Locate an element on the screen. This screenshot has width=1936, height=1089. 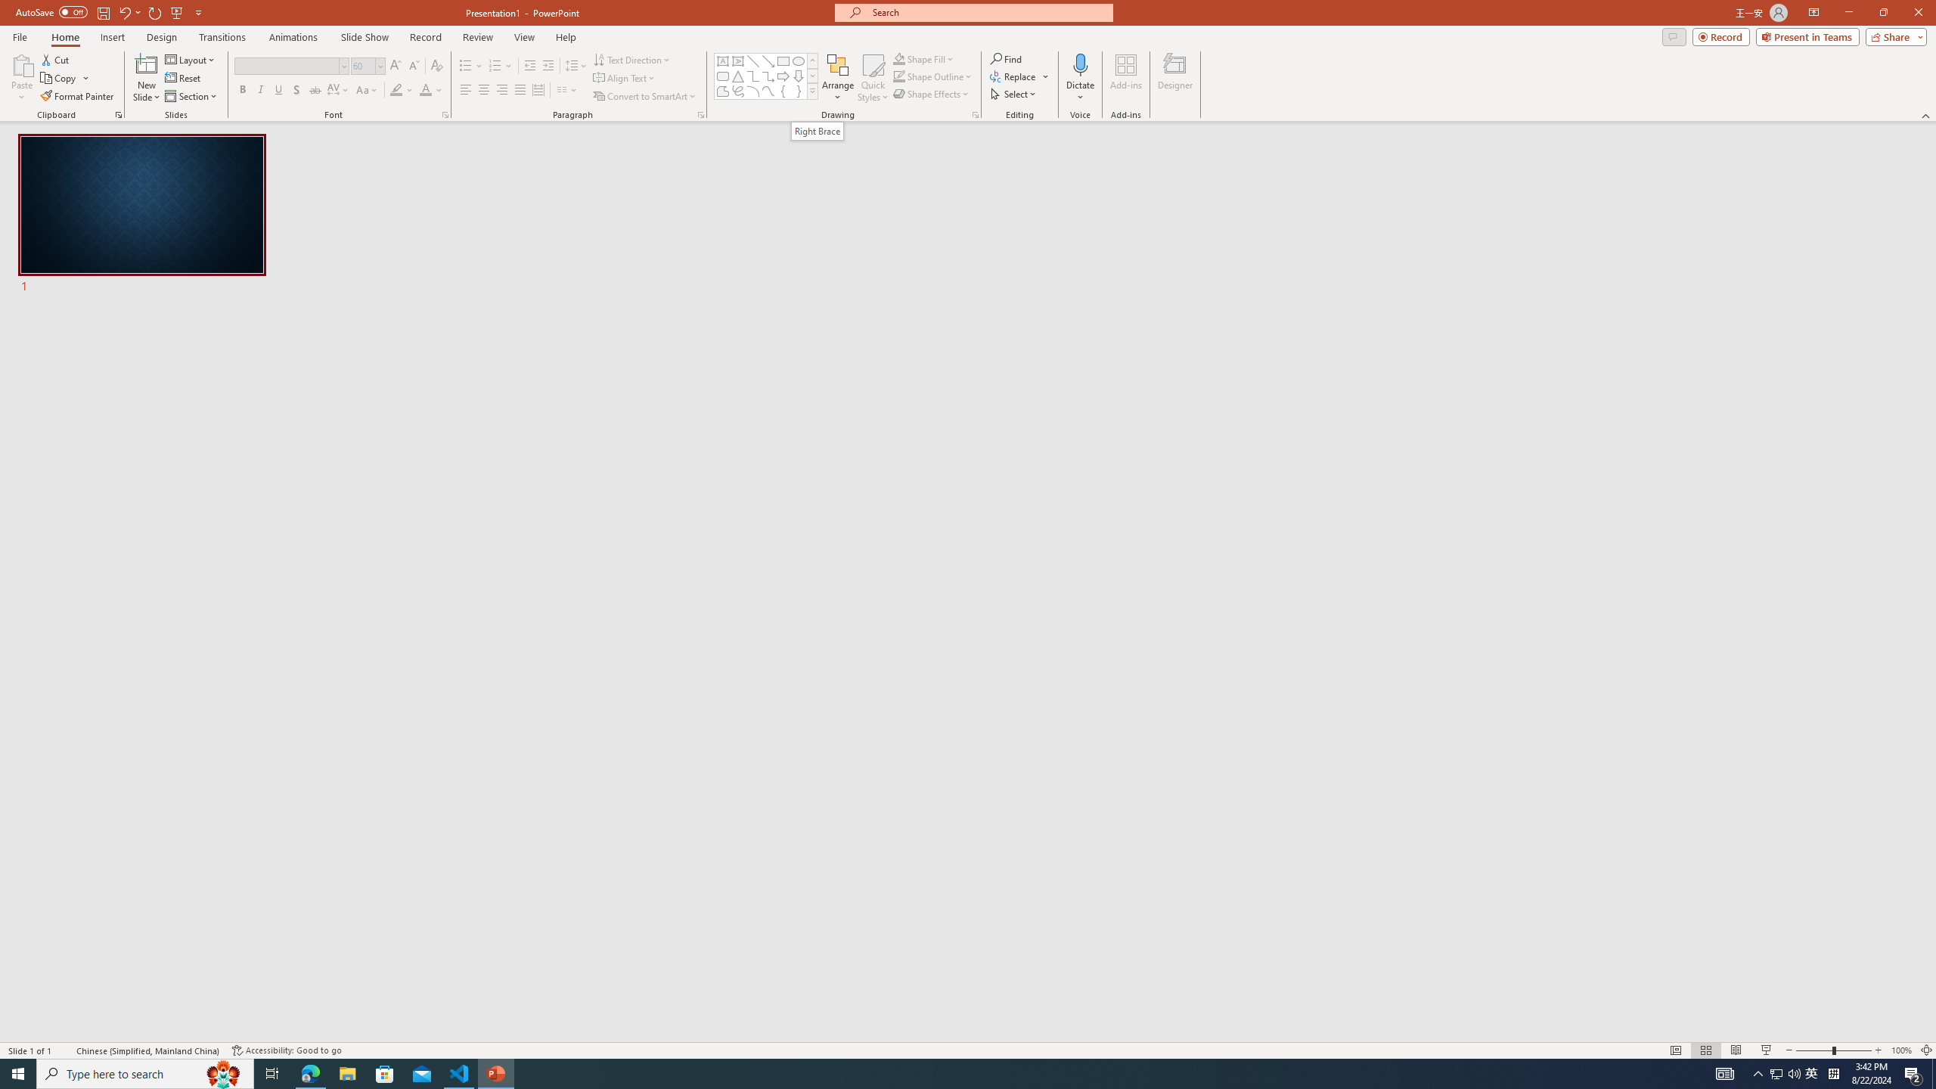
'Shape Fill Orange, Accent 2' is located at coordinates (899, 58).